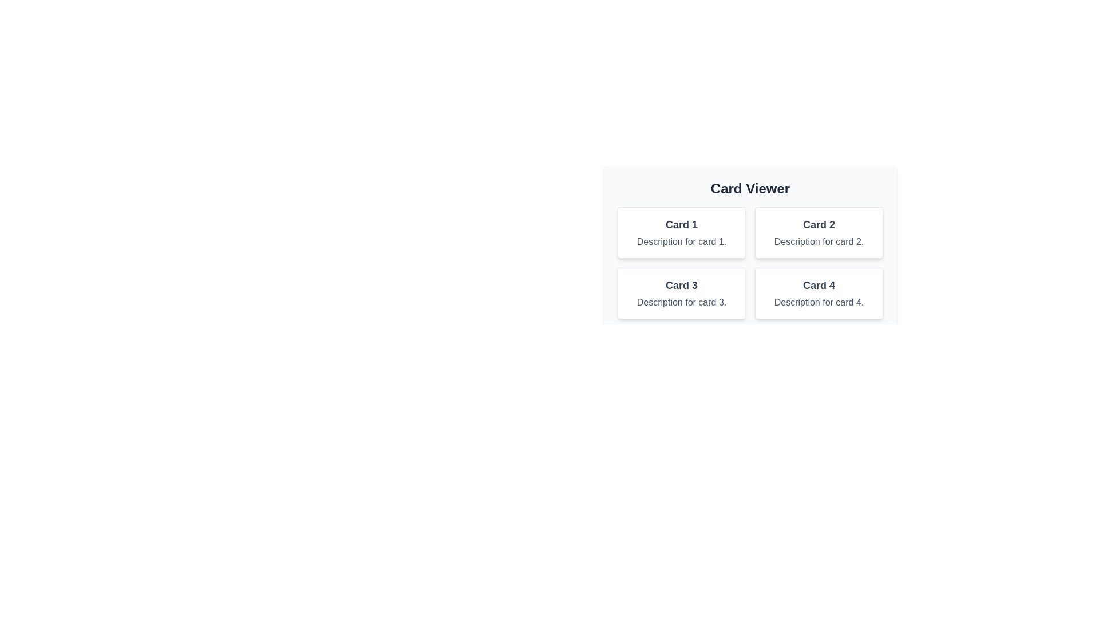  Describe the element at coordinates (681, 232) in the screenshot. I see `content displayed on the Card component located at the top-left corner of the grid layout` at that location.